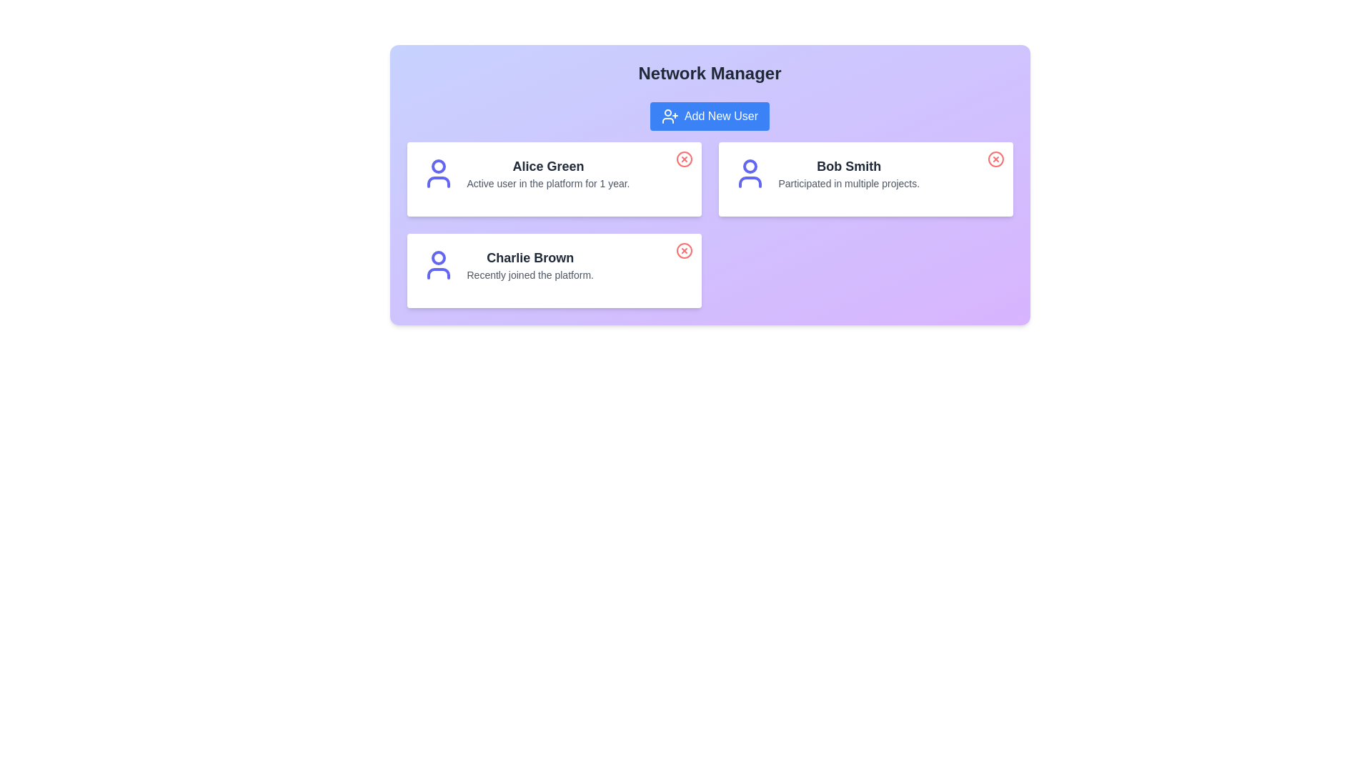 This screenshot has width=1372, height=772. What do you see at coordinates (995, 159) in the screenshot?
I see `remove button for the user Bob Smith` at bounding box center [995, 159].